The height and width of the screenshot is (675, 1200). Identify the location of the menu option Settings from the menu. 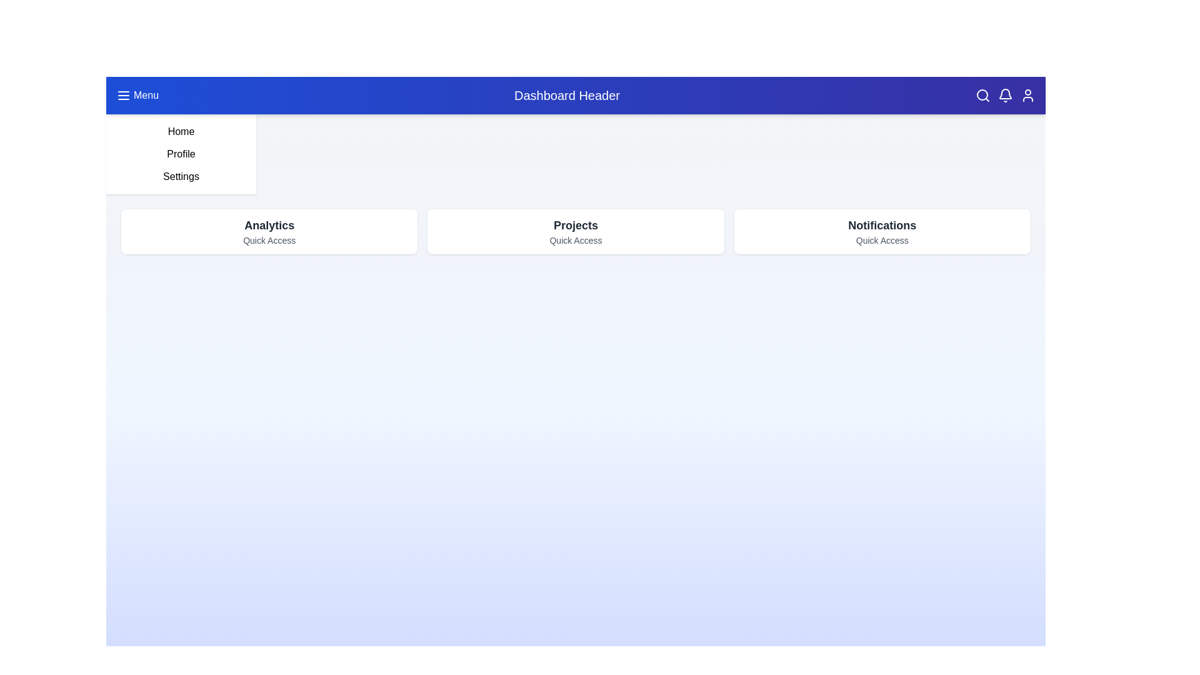
(180, 176).